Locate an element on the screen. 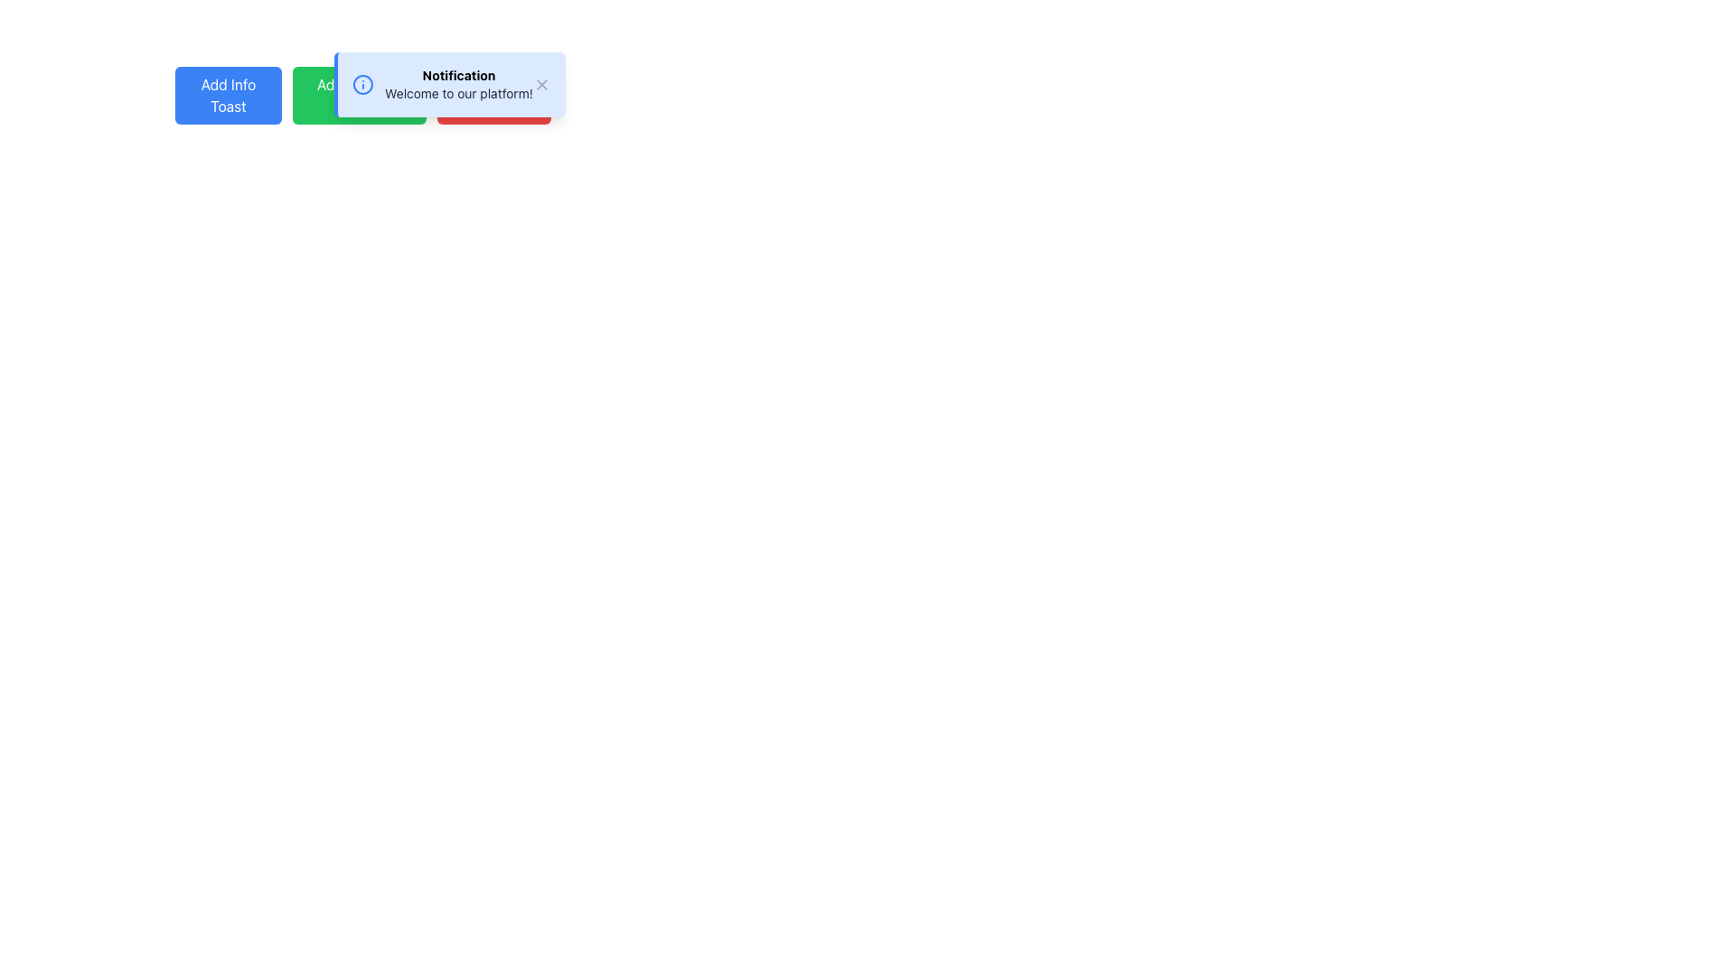 This screenshot has width=1735, height=975. the cross mark icon located in the top-right corner of the light blue notification box is located at coordinates (540, 84).